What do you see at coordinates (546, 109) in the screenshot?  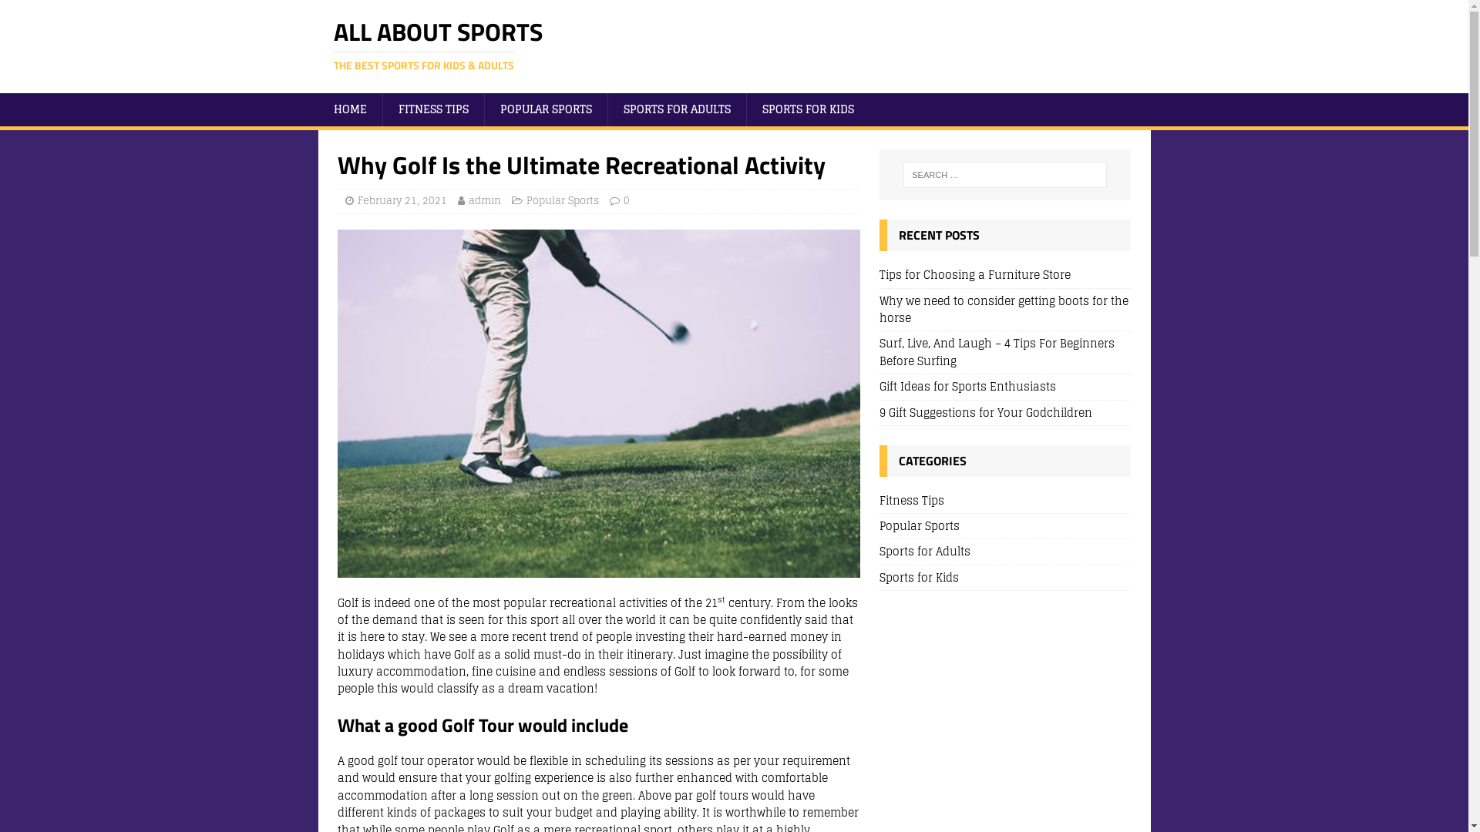 I see `'POPULAR SPORTS'` at bounding box center [546, 109].